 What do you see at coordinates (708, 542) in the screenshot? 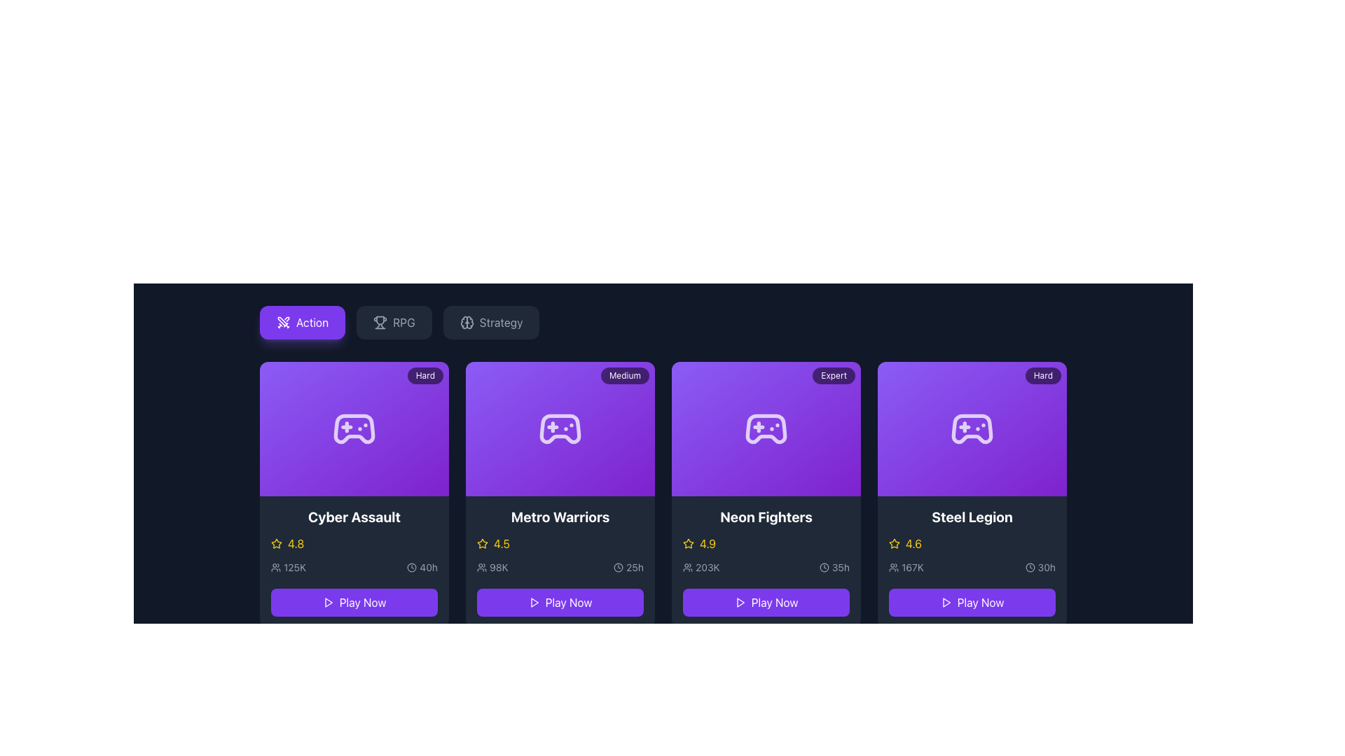
I see `the numerical text displaying the value '4.9', styled in yellow color` at bounding box center [708, 542].